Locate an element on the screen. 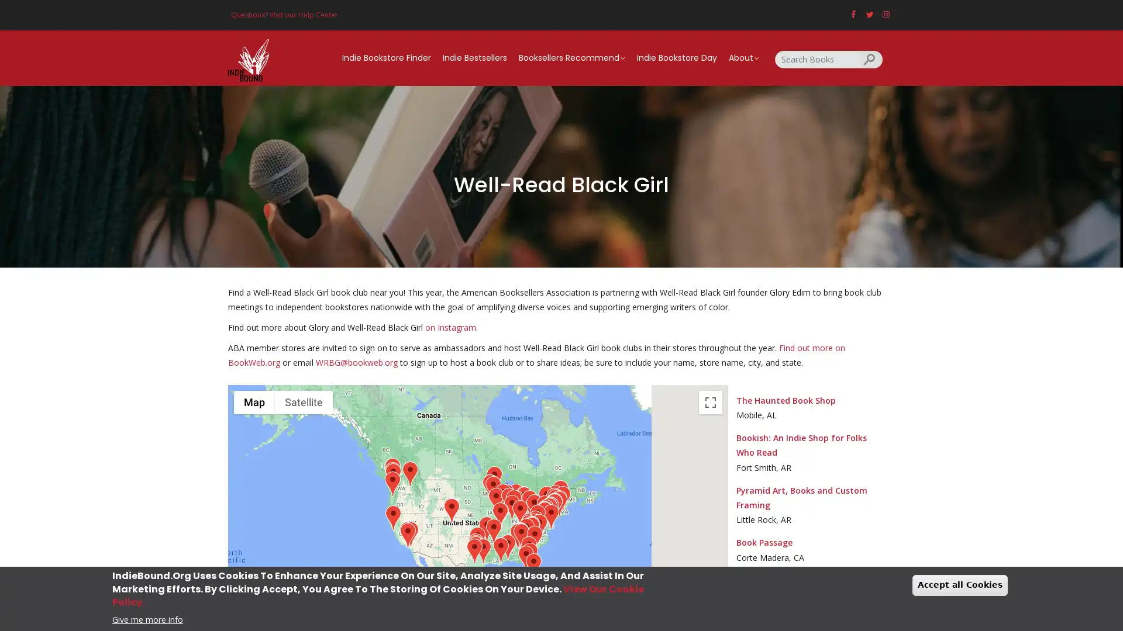 Image resolution: width=1123 pixels, height=631 pixels. The Silver Unicorn Bookstore is located at coordinates (562, 498).